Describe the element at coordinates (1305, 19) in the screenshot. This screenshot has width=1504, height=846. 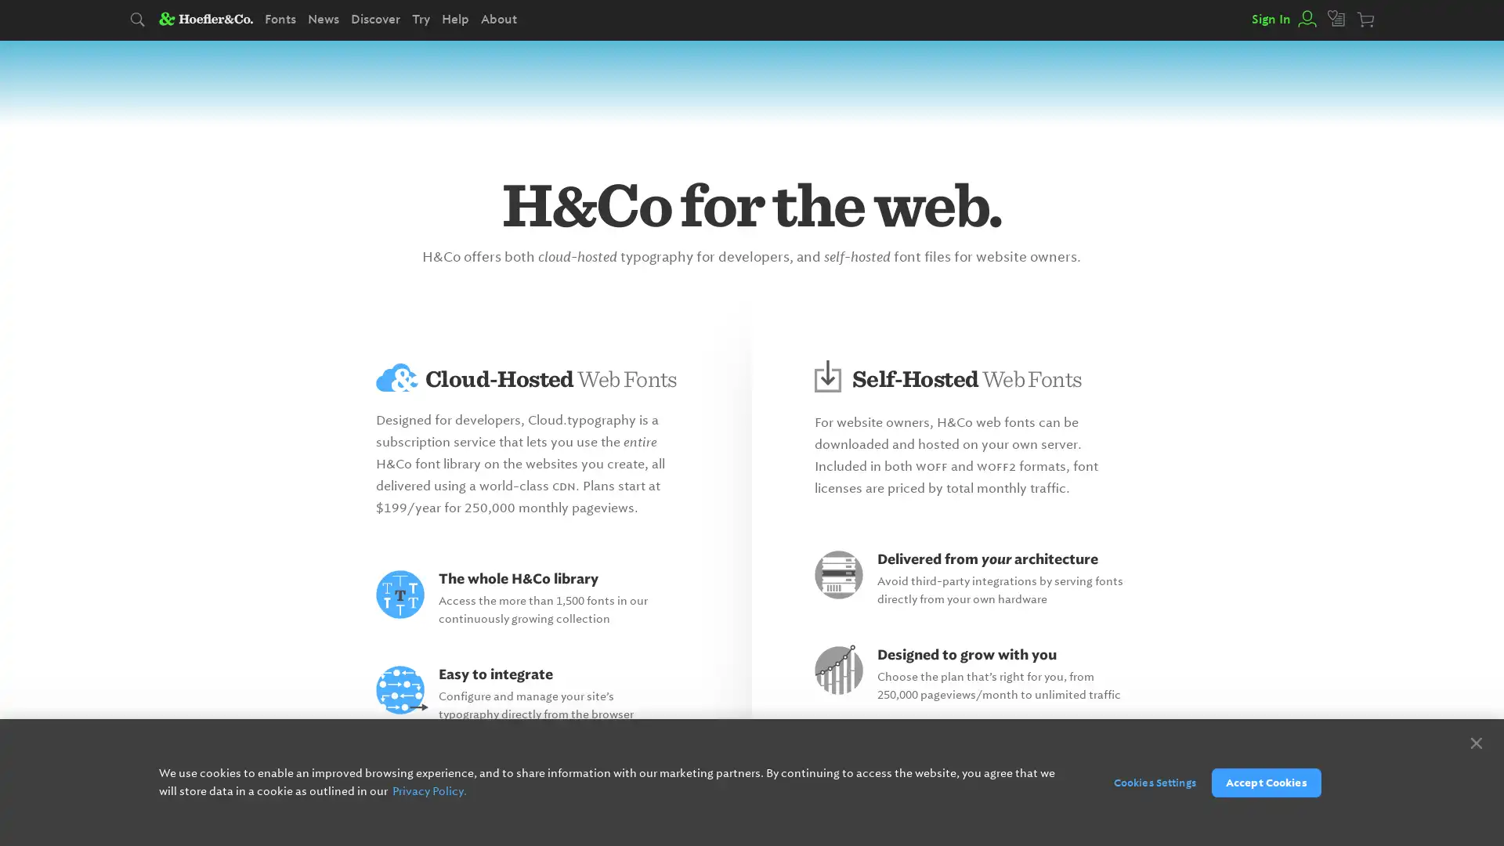
I see `View your account` at that location.